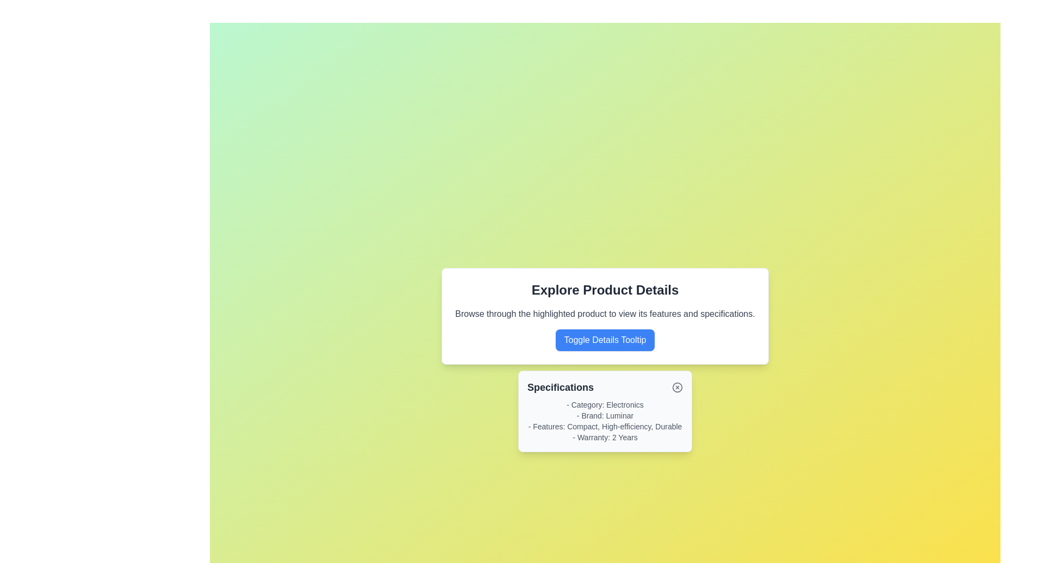 Image resolution: width=1044 pixels, height=587 pixels. What do you see at coordinates (677, 387) in the screenshot?
I see `the close or dismiss button located at the top-right corner of the 'Specifications' card to change its icon to a darker shade` at bounding box center [677, 387].